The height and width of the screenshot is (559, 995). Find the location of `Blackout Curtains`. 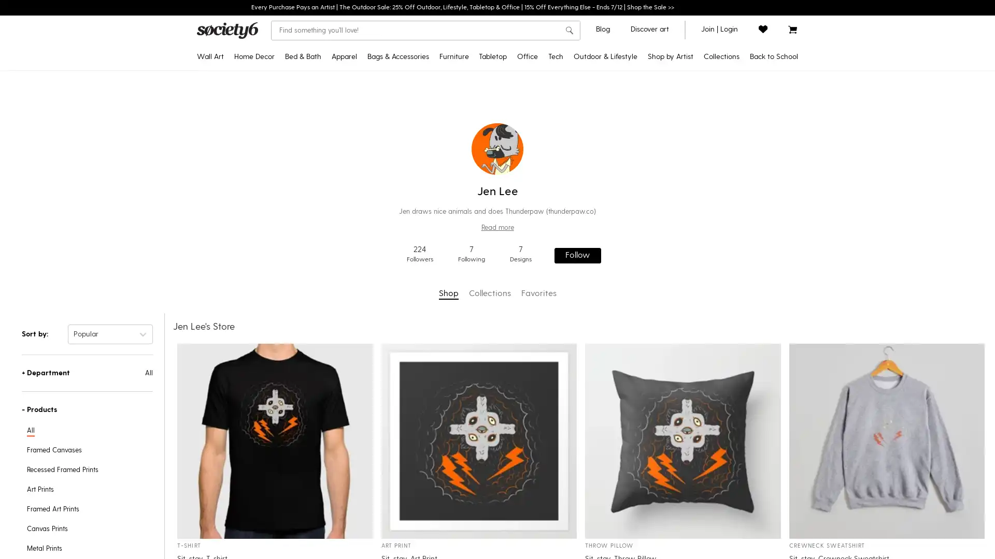

Blackout Curtains is located at coordinates (274, 166).